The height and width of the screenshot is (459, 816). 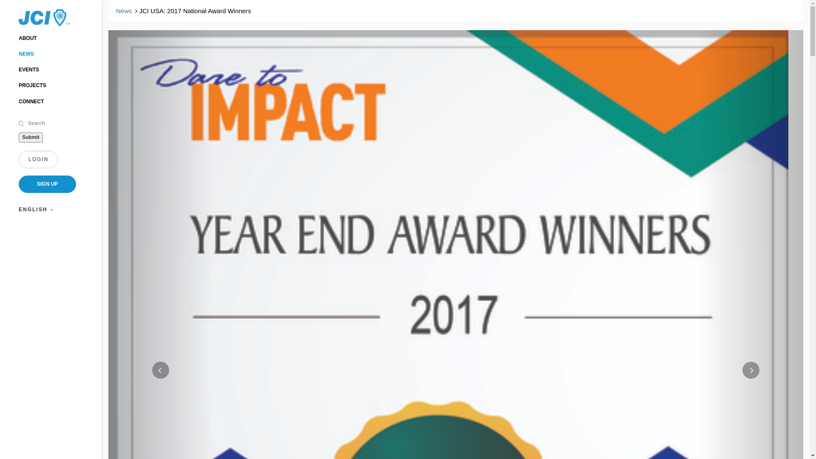 What do you see at coordinates (31, 101) in the screenshot?
I see `'CONNECT'` at bounding box center [31, 101].